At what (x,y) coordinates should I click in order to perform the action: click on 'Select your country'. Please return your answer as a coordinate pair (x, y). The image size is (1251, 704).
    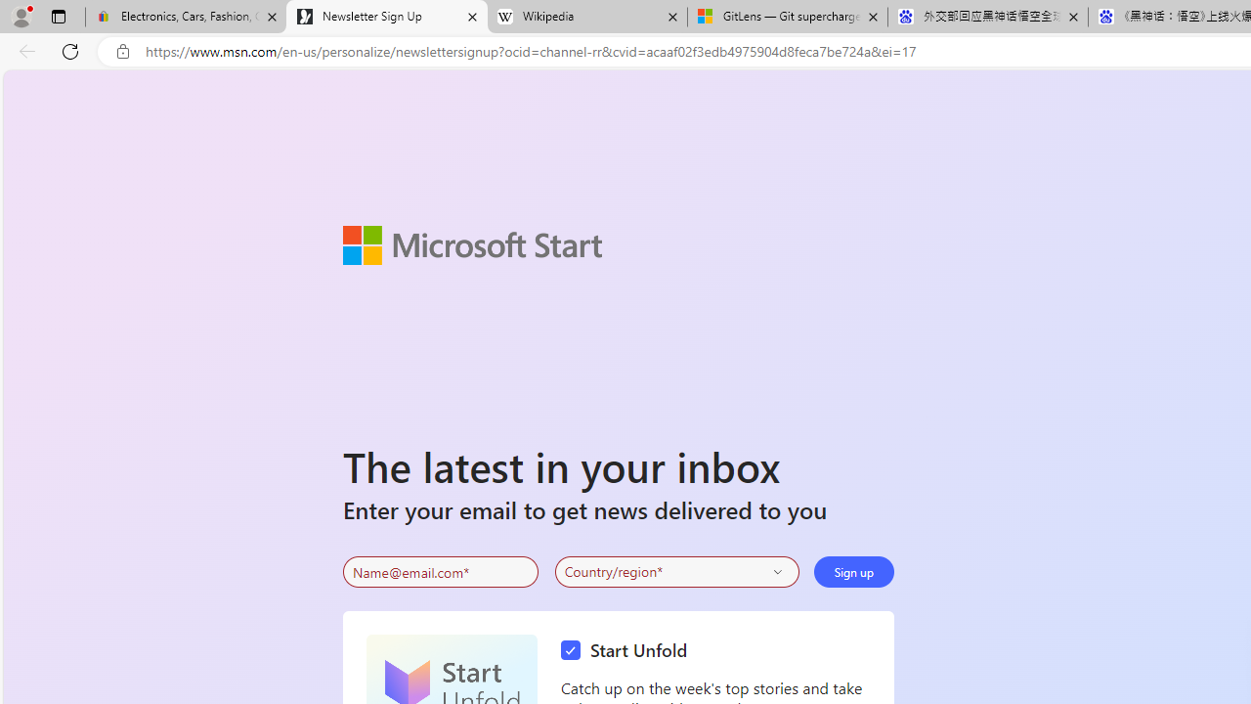
    Looking at the image, I should click on (676, 572).